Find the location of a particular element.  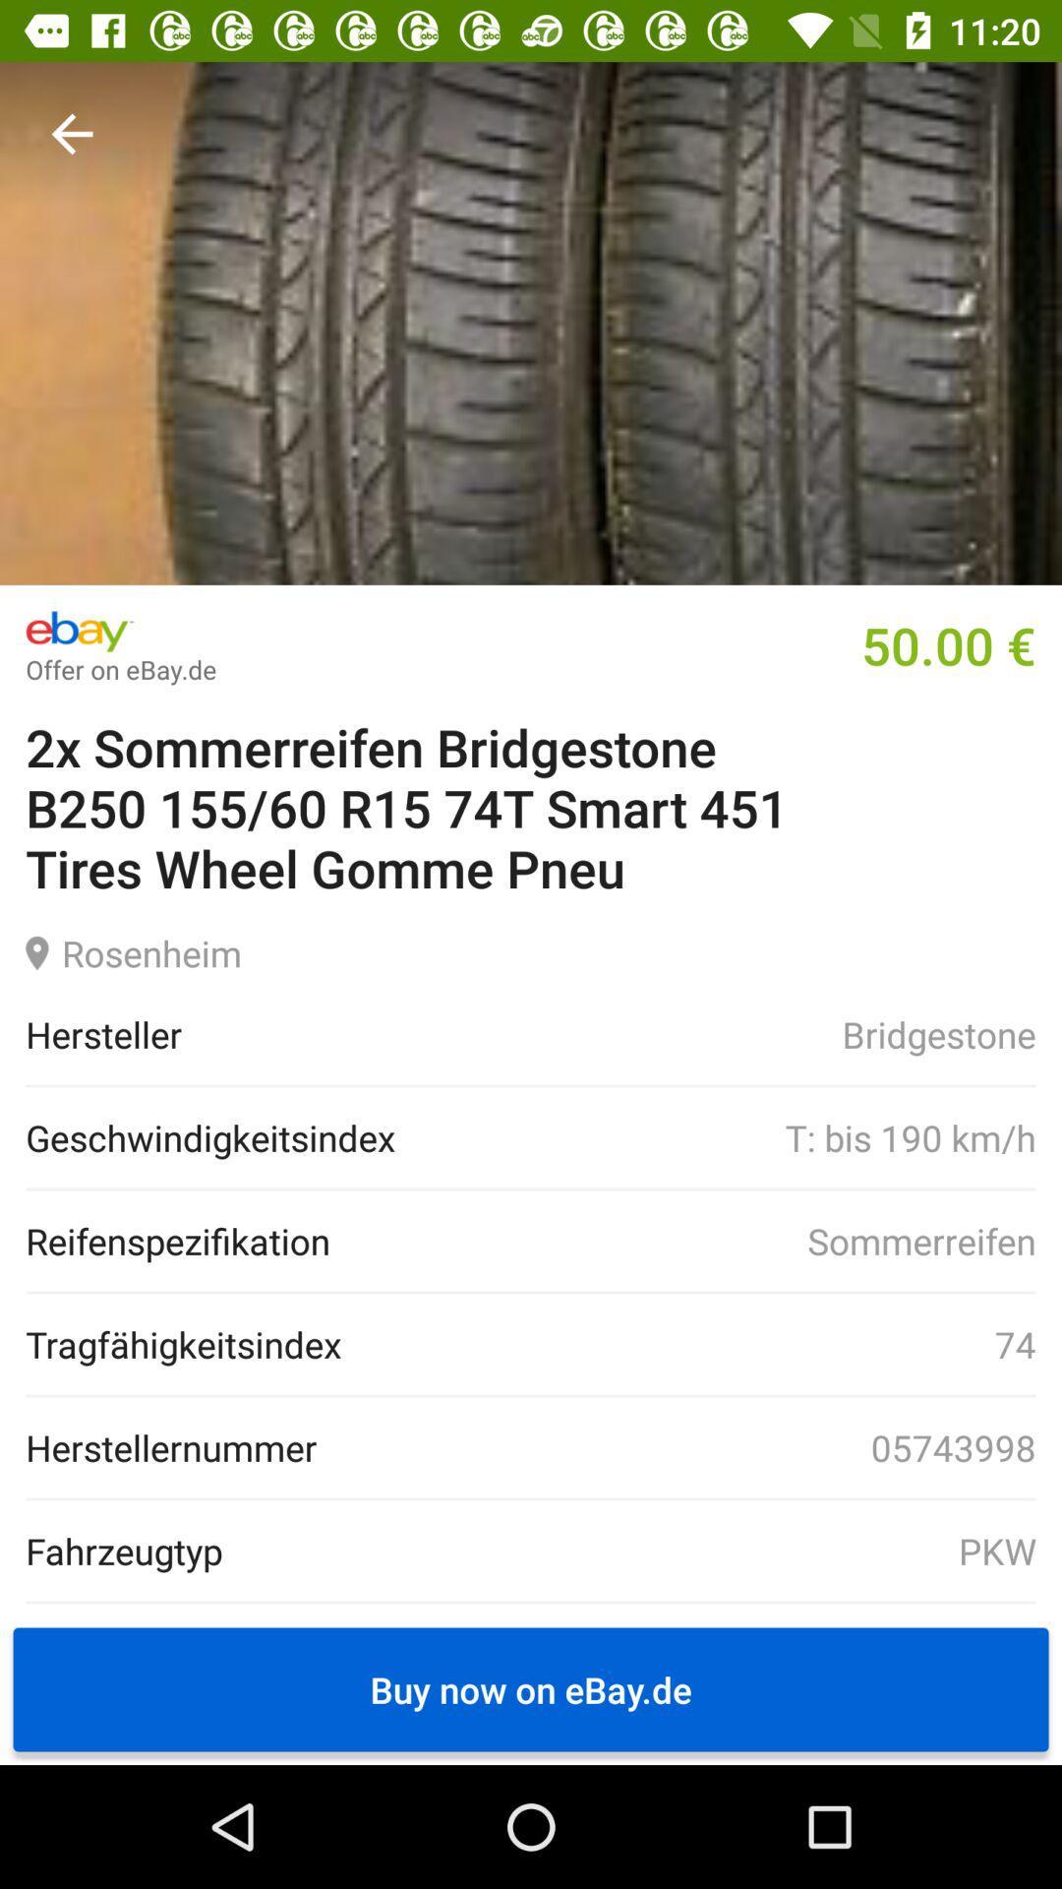

the fahrzeugtyp is located at coordinates (124, 1550).